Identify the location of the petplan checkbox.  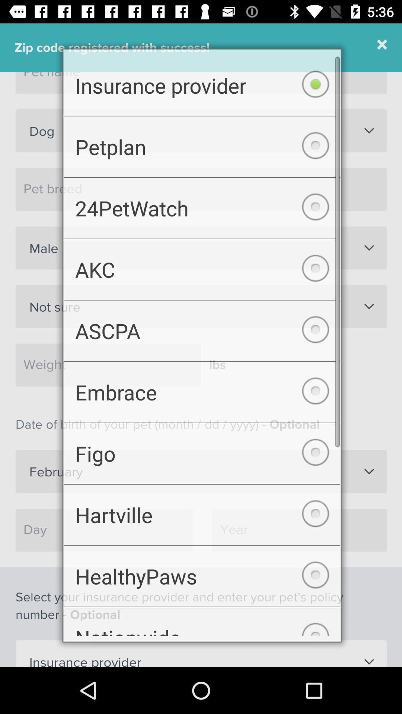
(202, 141).